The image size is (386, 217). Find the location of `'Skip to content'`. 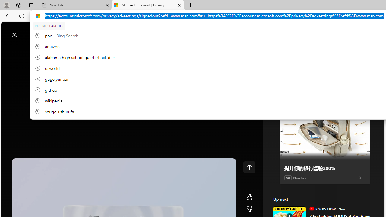

'Skip to content' is located at coordinates (26, 32).